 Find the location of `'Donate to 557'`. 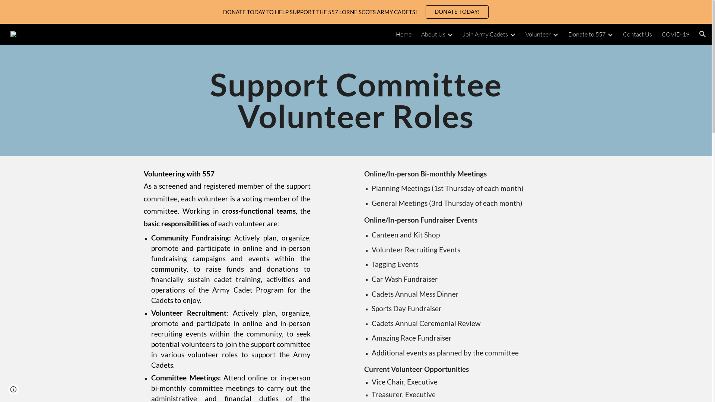

'Donate to 557' is located at coordinates (586, 34).